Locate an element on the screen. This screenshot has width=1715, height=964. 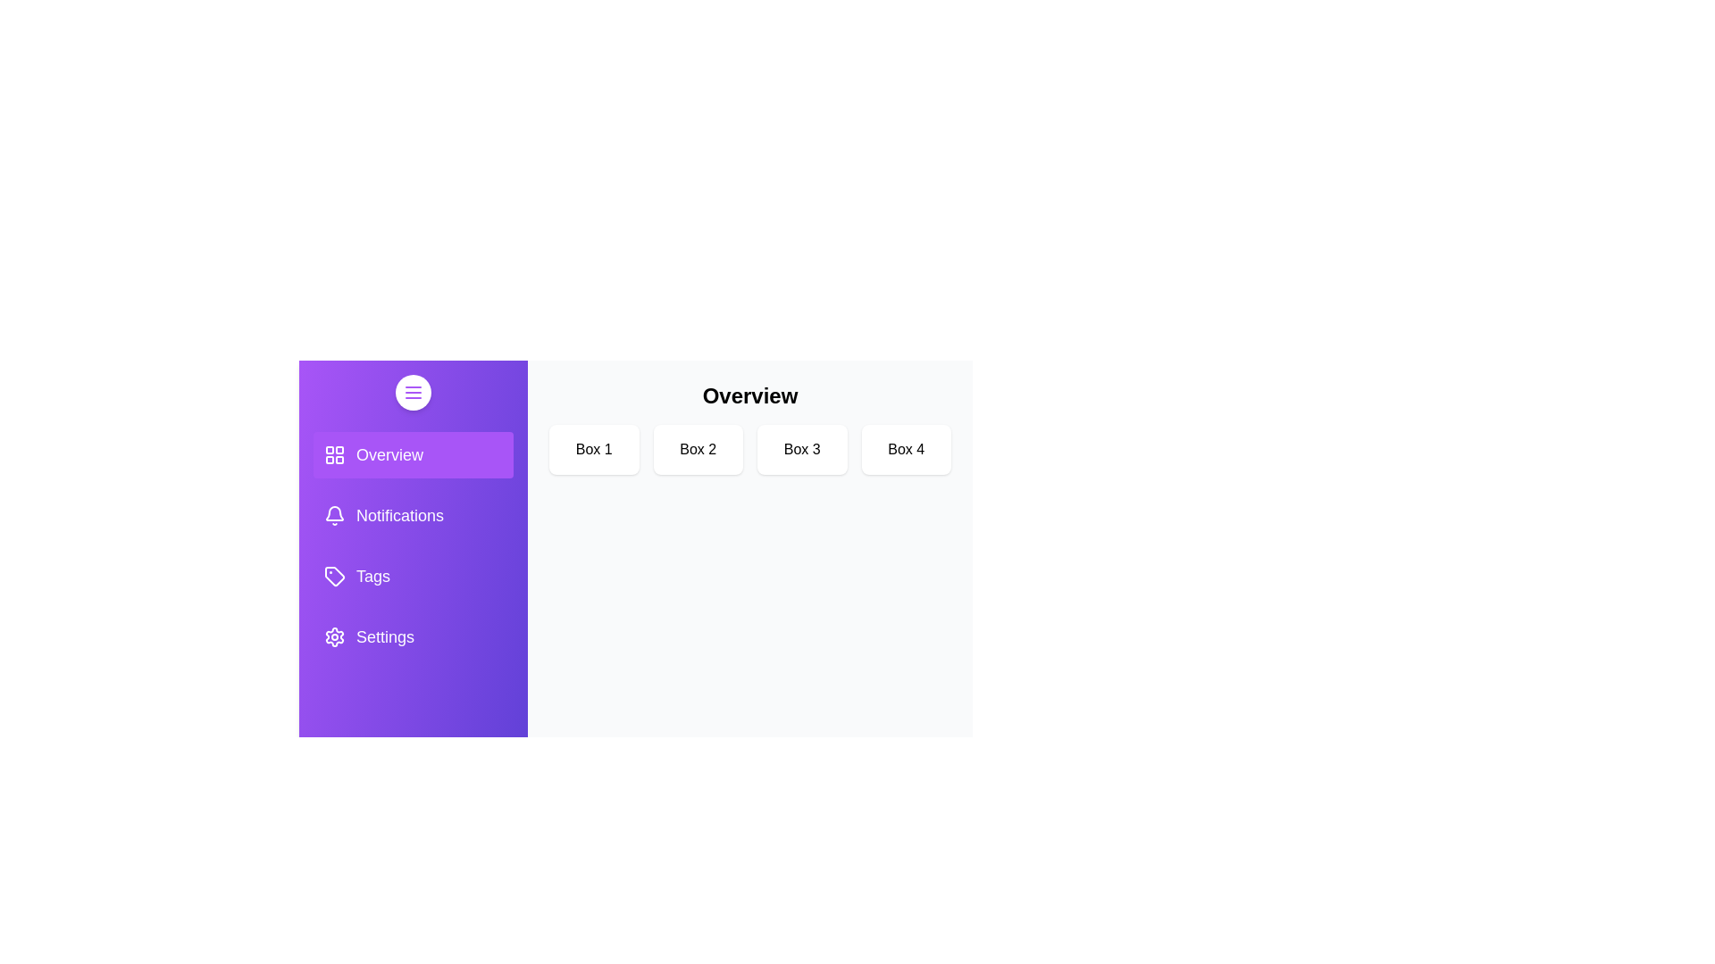
menu button to toggle the sidebar visibility is located at coordinates (412, 391).